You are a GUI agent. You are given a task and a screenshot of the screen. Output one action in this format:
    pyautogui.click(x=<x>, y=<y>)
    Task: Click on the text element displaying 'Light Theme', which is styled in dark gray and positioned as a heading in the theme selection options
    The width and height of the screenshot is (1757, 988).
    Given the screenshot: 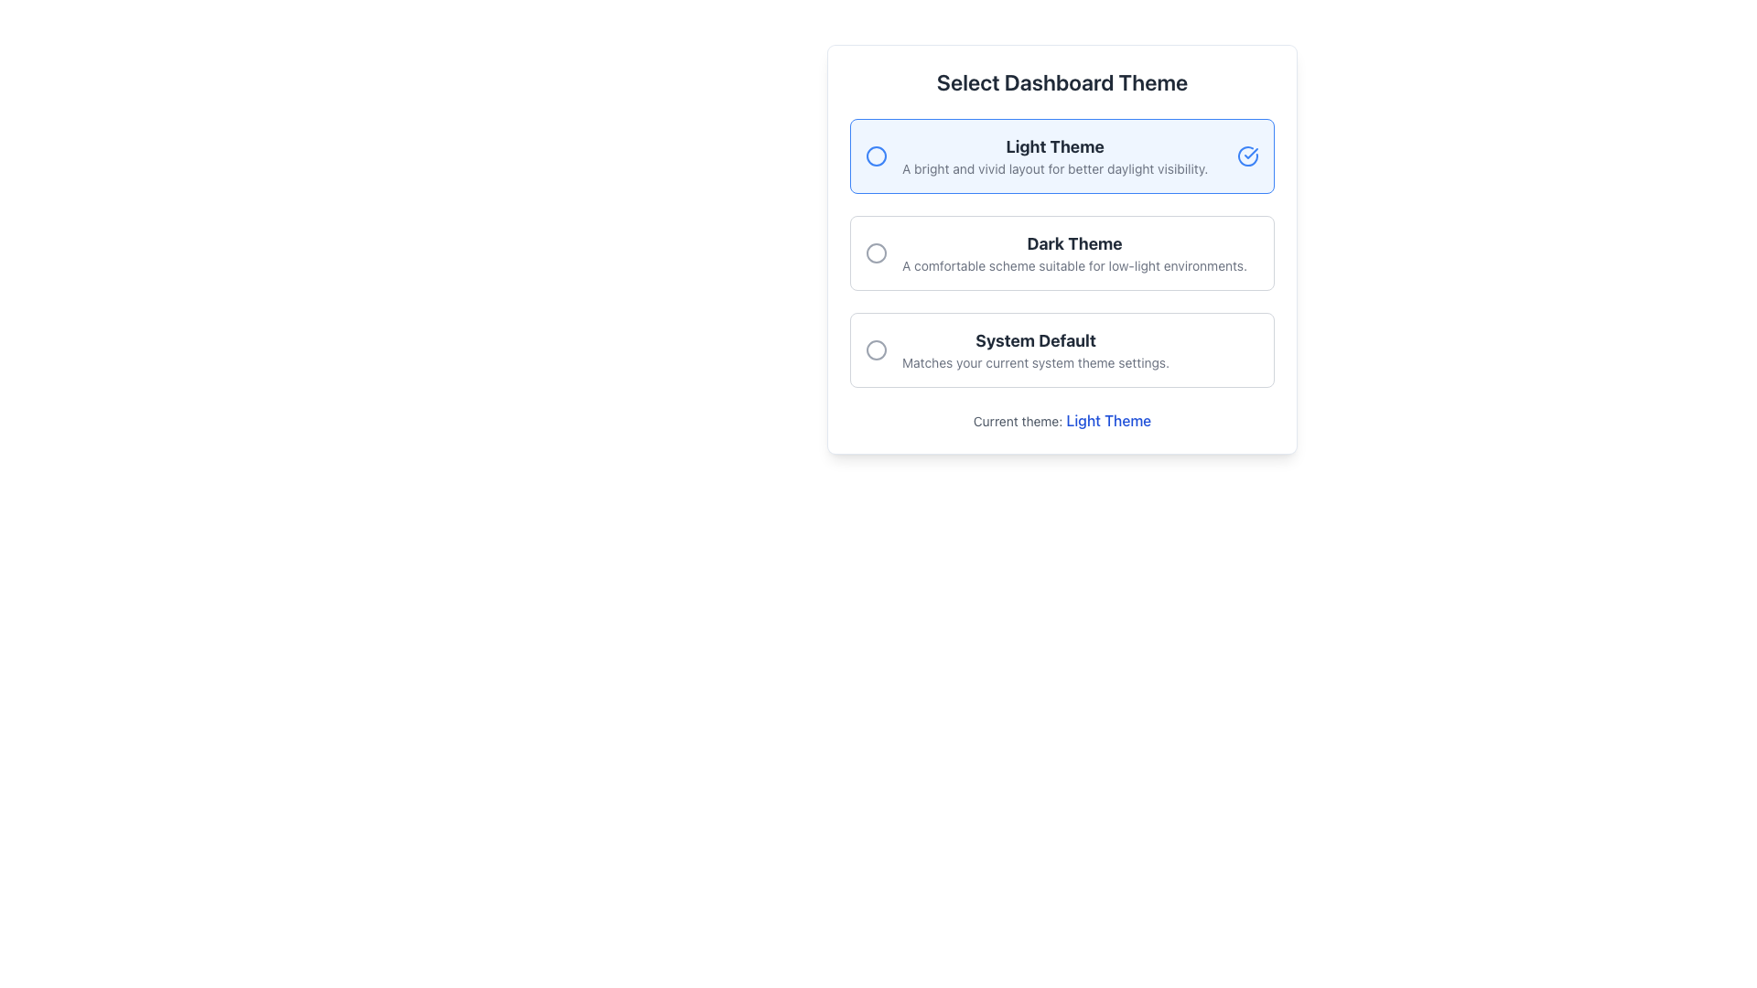 What is the action you would take?
    pyautogui.click(x=1055, y=146)
    